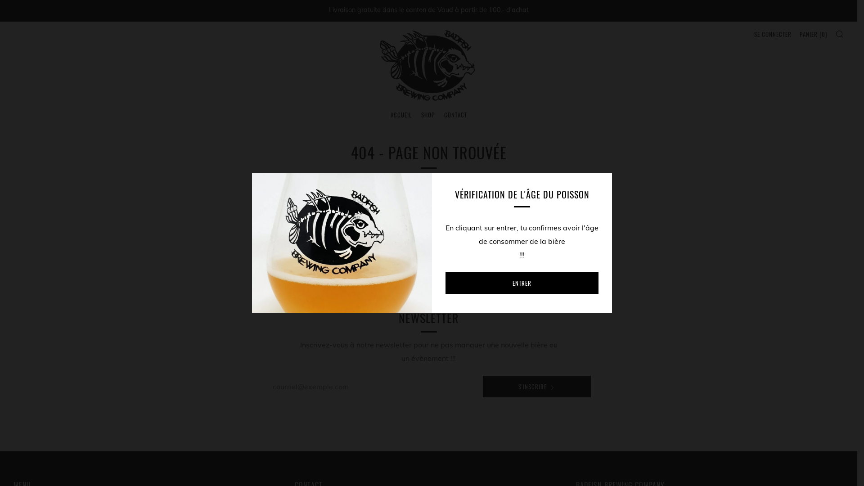  What do you see at coordinates (813, 34) in the screenshot?
I see `'PANIER (0)'` at bounding box center [813, 34].